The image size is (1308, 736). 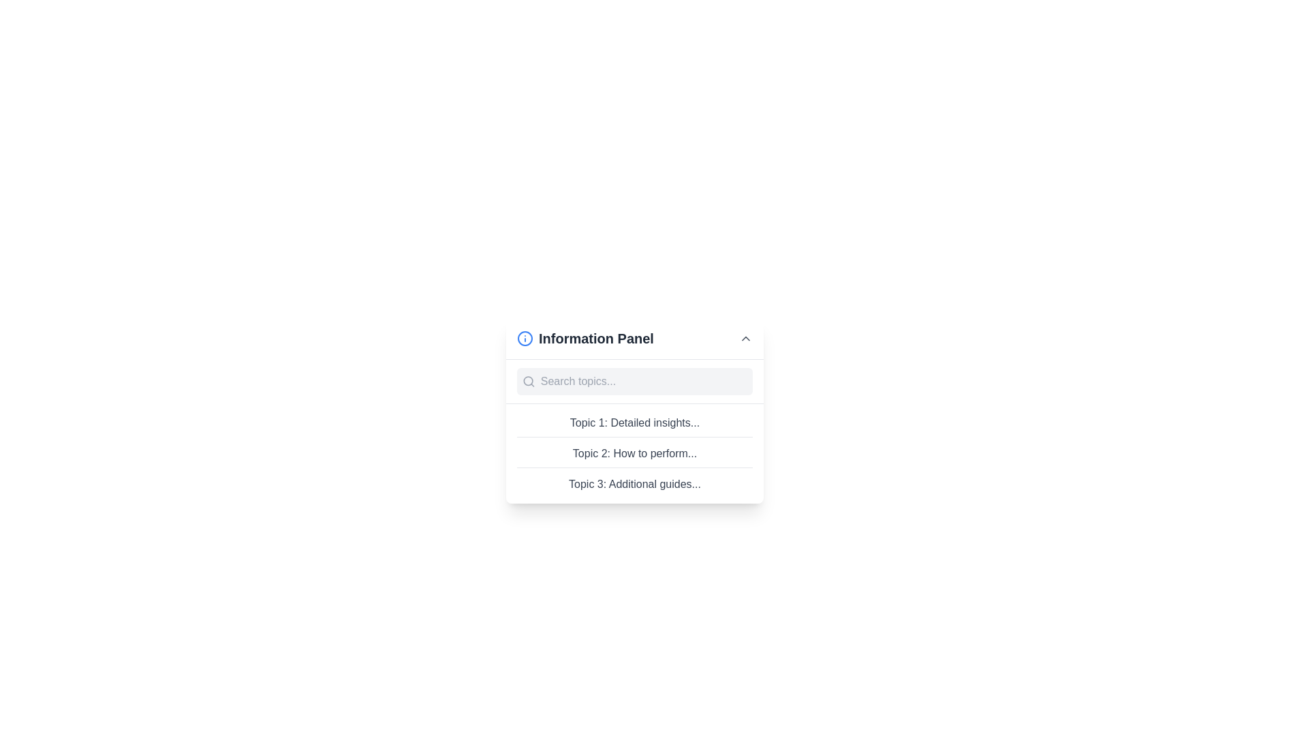 I want to click on the Header with icon and text element, so click(x=585, y=338).